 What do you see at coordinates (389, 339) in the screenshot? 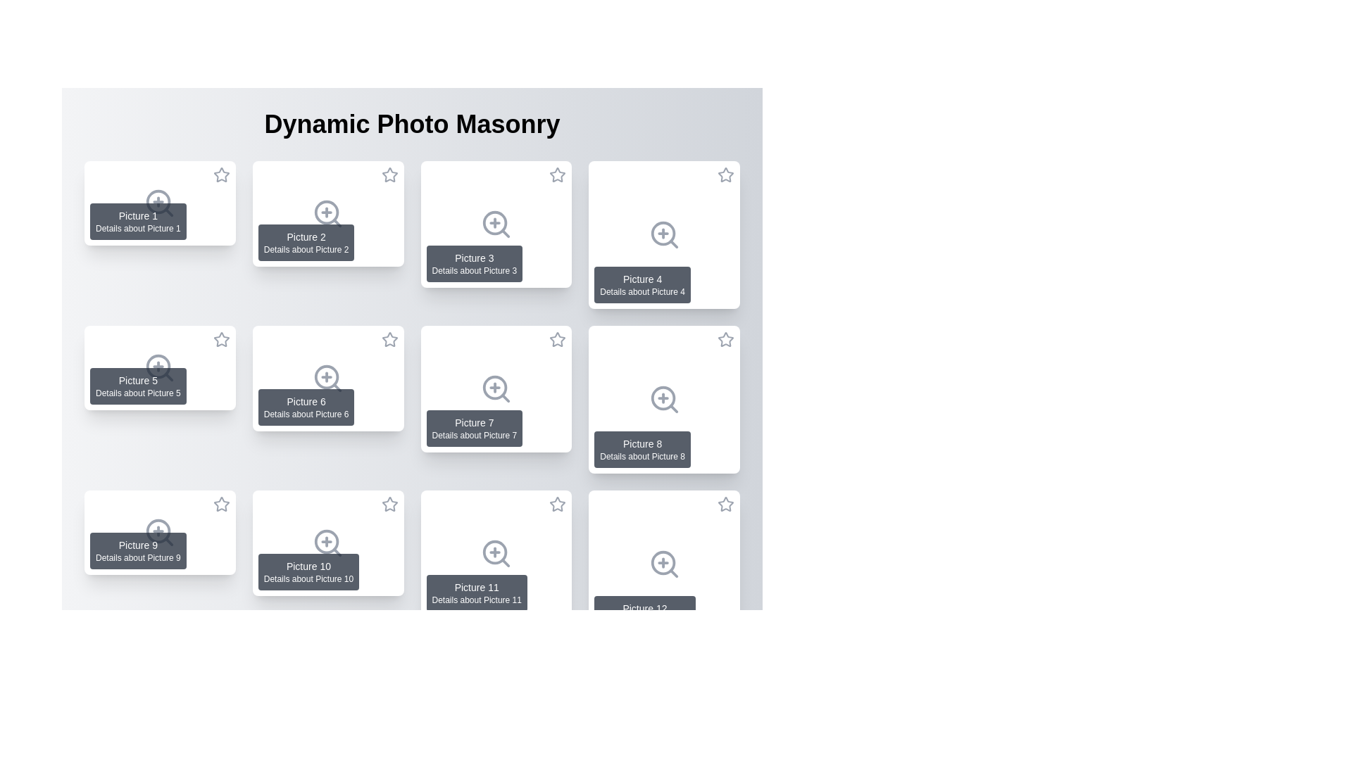
I see `the favorite toggle button located in the top-right corner of the card labeled 'Picture 6'` at bounding box center [389, 339].